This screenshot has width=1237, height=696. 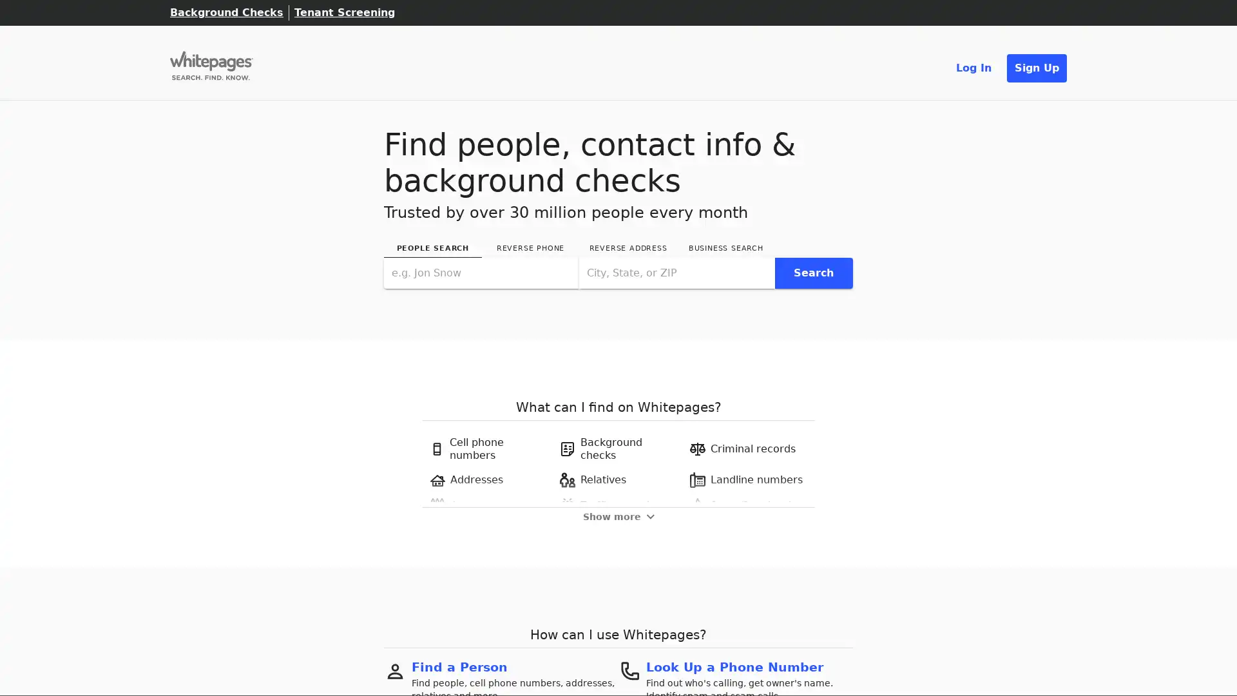 What do you see at coordinates (617, 516) in the screenshot?
I see `Show more` at bounding box center [617, 516].